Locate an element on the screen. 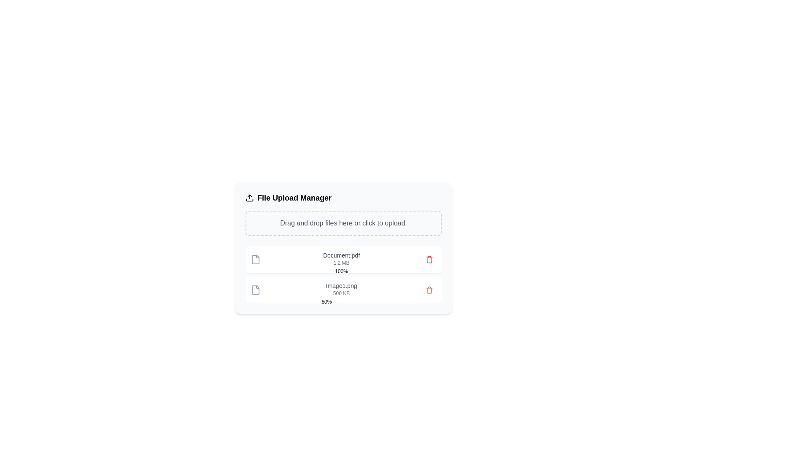 The width and height of the screenshot is (810, 456). the document icon located is located at coordinates (255, 259).